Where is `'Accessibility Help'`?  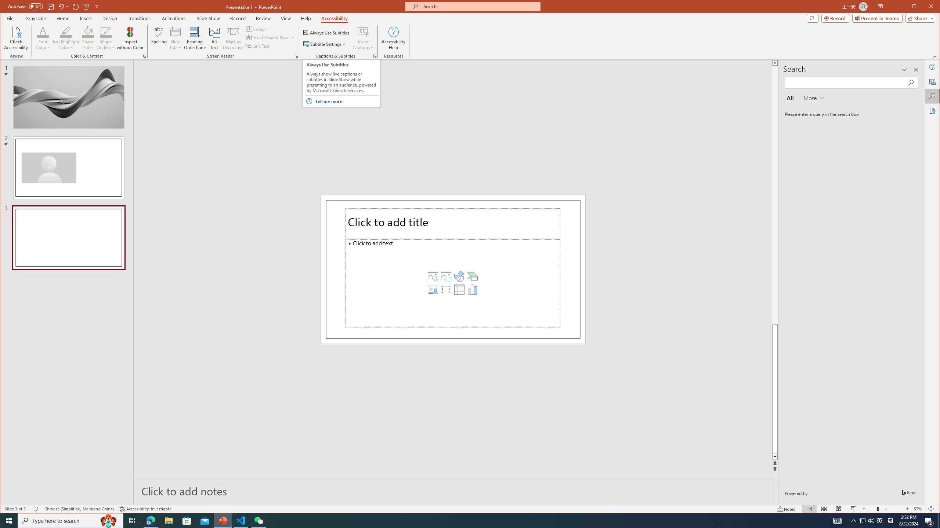
'Accessibility Help' is located at coordinates (393, 38).